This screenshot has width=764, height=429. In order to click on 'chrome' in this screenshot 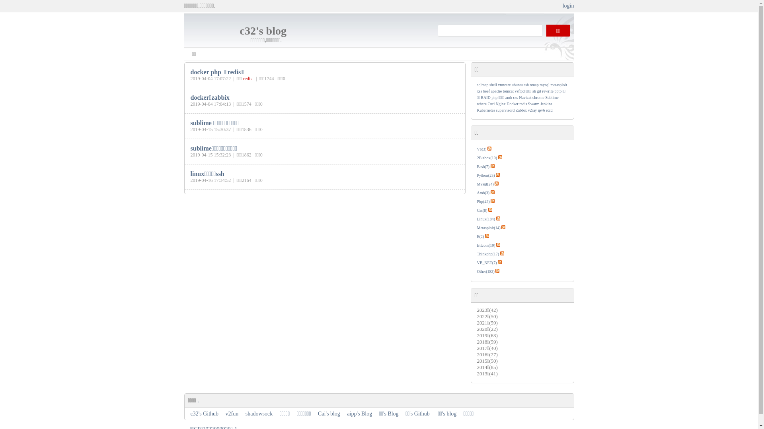, I will do `click(532, 97)`.